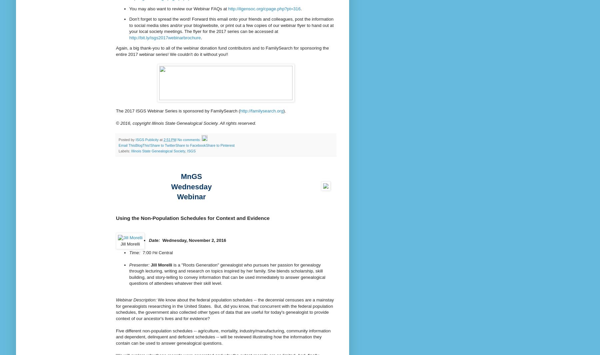  What do you see at coordinates (129, 252) in the screenshot?
I see `'Time:'` at bounding box center [129, 252].